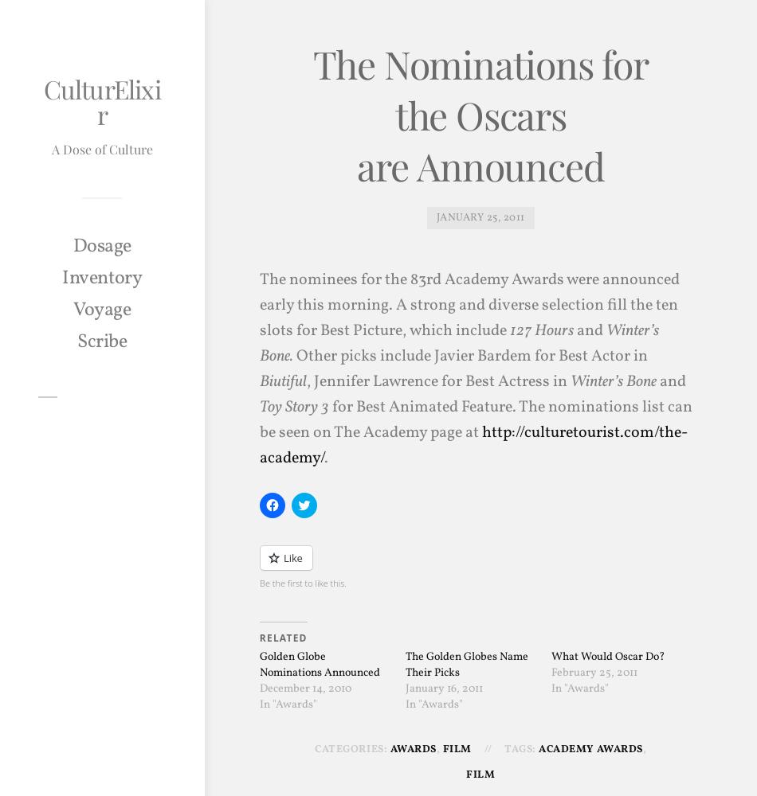  What do you see at coordinates (539, 747) in the screenshot?
I see `'Academy Awards'` at bounding box center [539, 747].